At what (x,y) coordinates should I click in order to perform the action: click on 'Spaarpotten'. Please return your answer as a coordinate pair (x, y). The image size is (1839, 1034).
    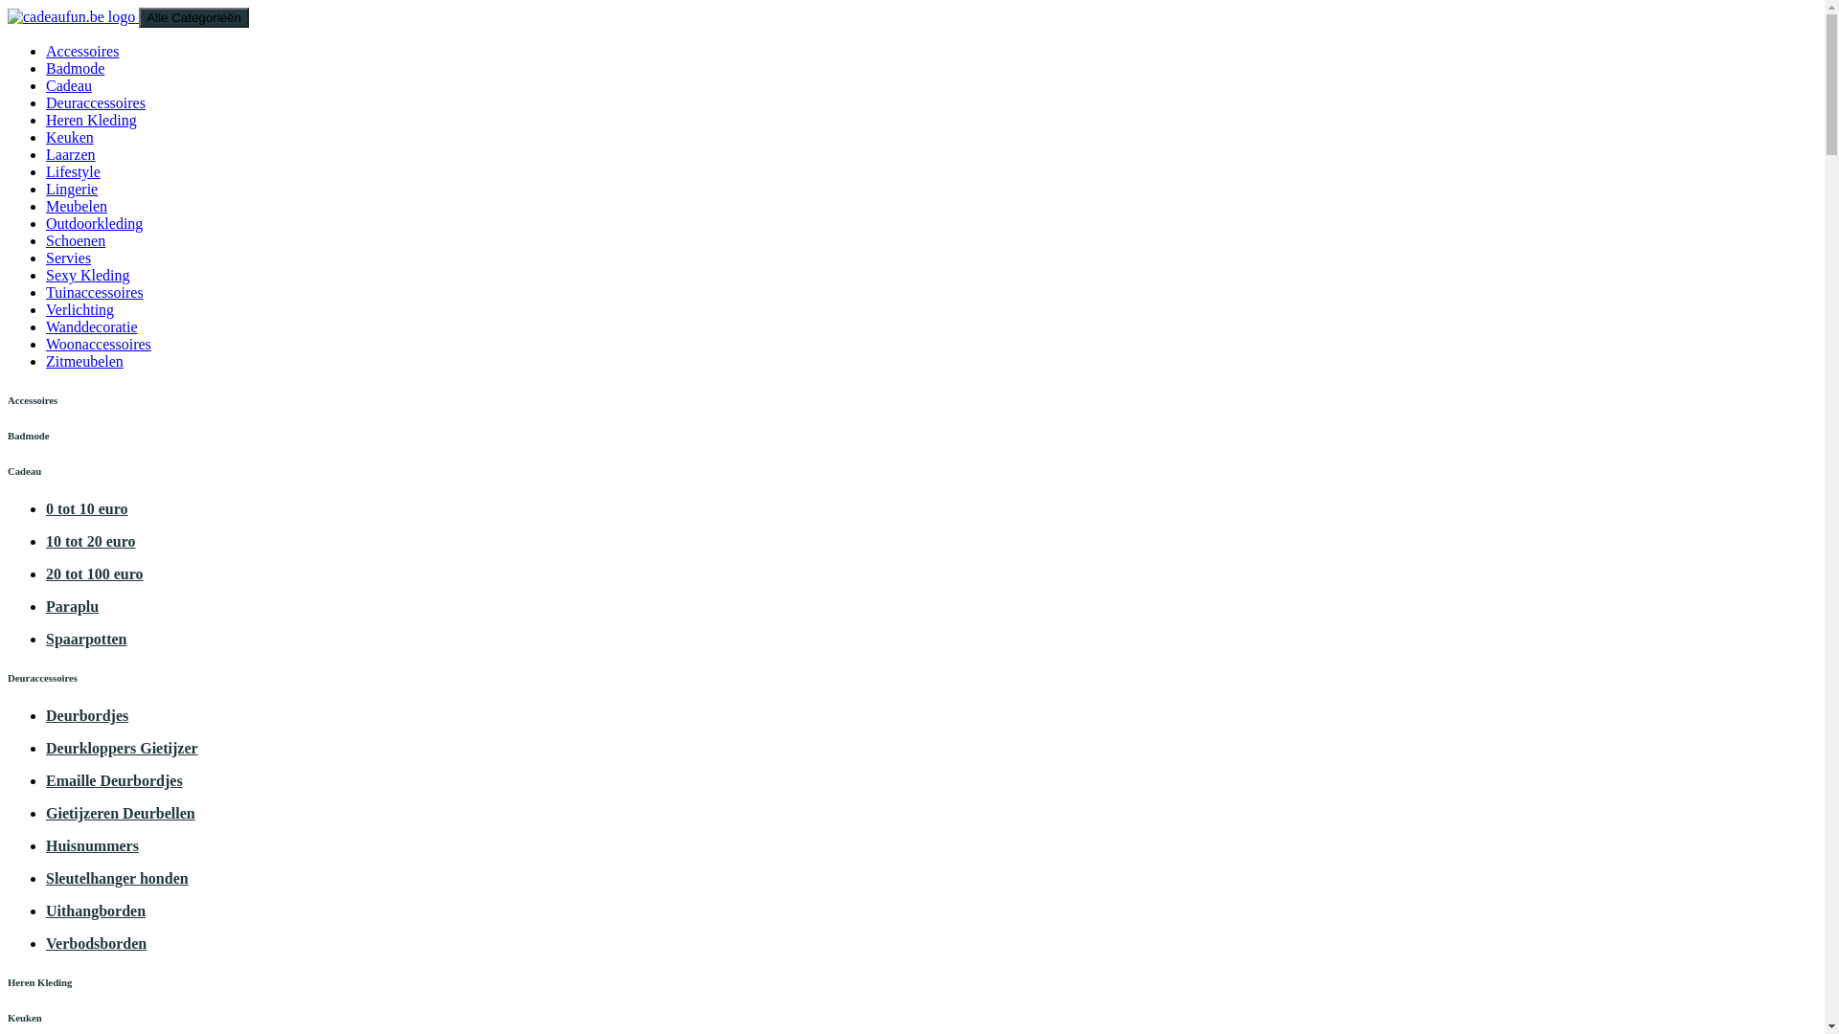
    Looking at the image, I should click on (85, 639).